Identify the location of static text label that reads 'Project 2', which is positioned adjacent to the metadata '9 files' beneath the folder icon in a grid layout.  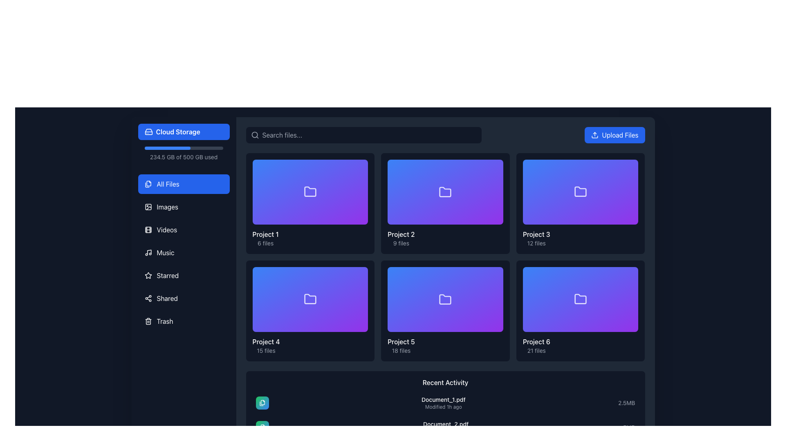
(401, 234).